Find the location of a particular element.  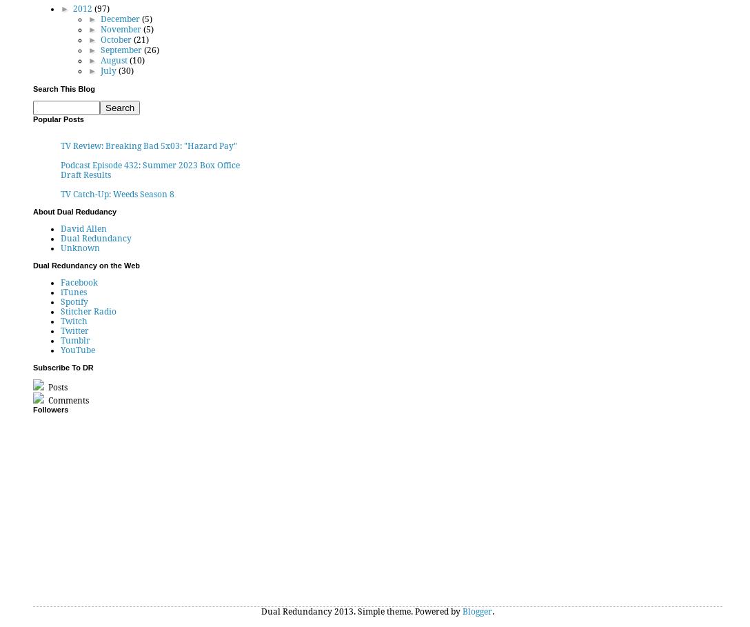

'Dual Redundancy' is located at coordinates (95, 238).